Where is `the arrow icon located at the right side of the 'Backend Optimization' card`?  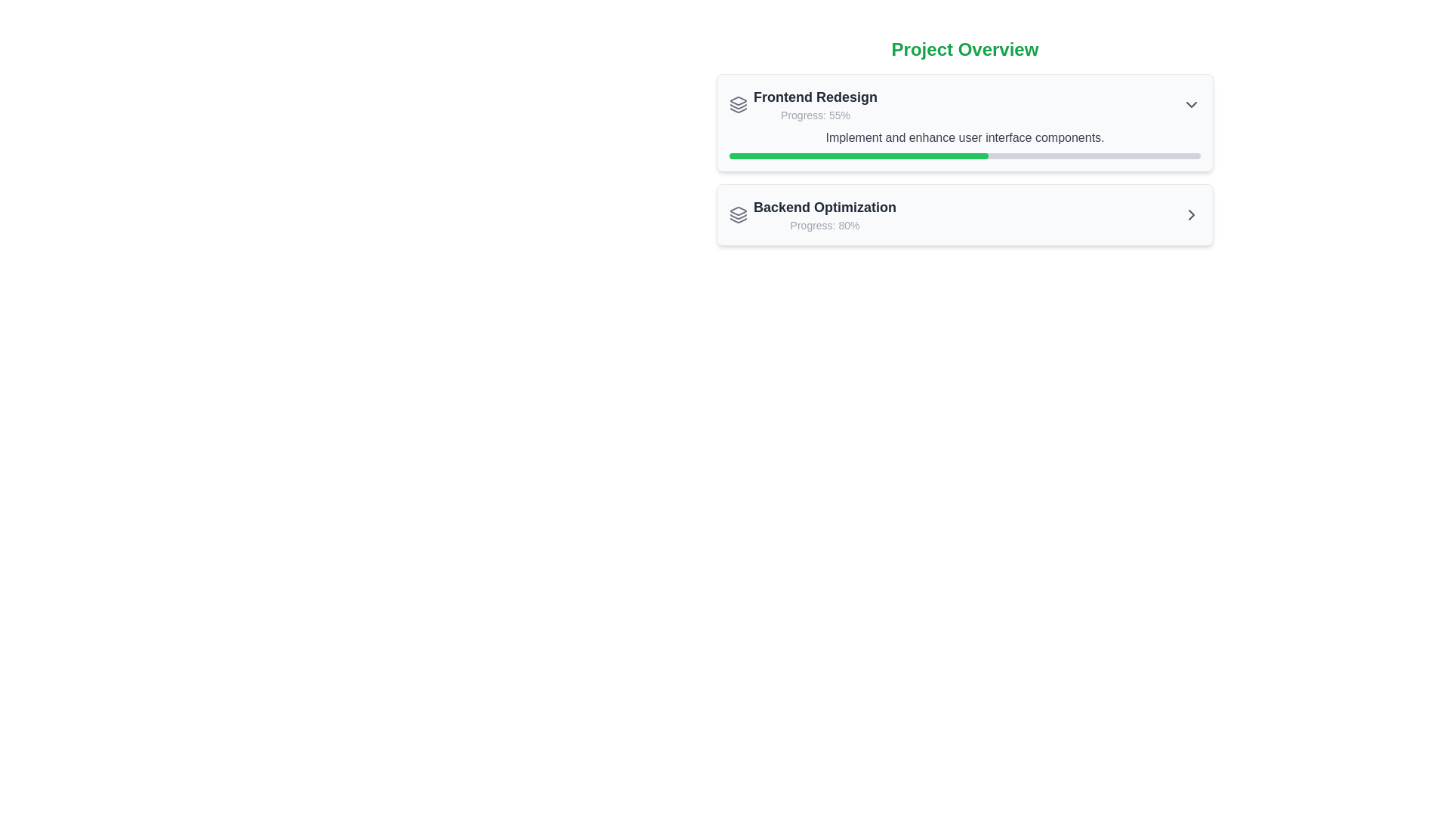 the arrow icon located at the right side of the 'Backend Optimization' card is located at coordinates (1191, 215).